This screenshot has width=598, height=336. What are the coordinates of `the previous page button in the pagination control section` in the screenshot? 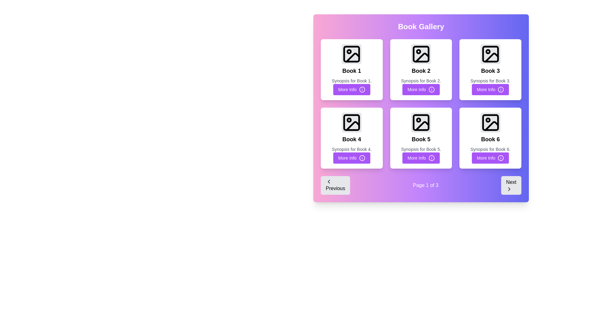 It's located at (335, 185).